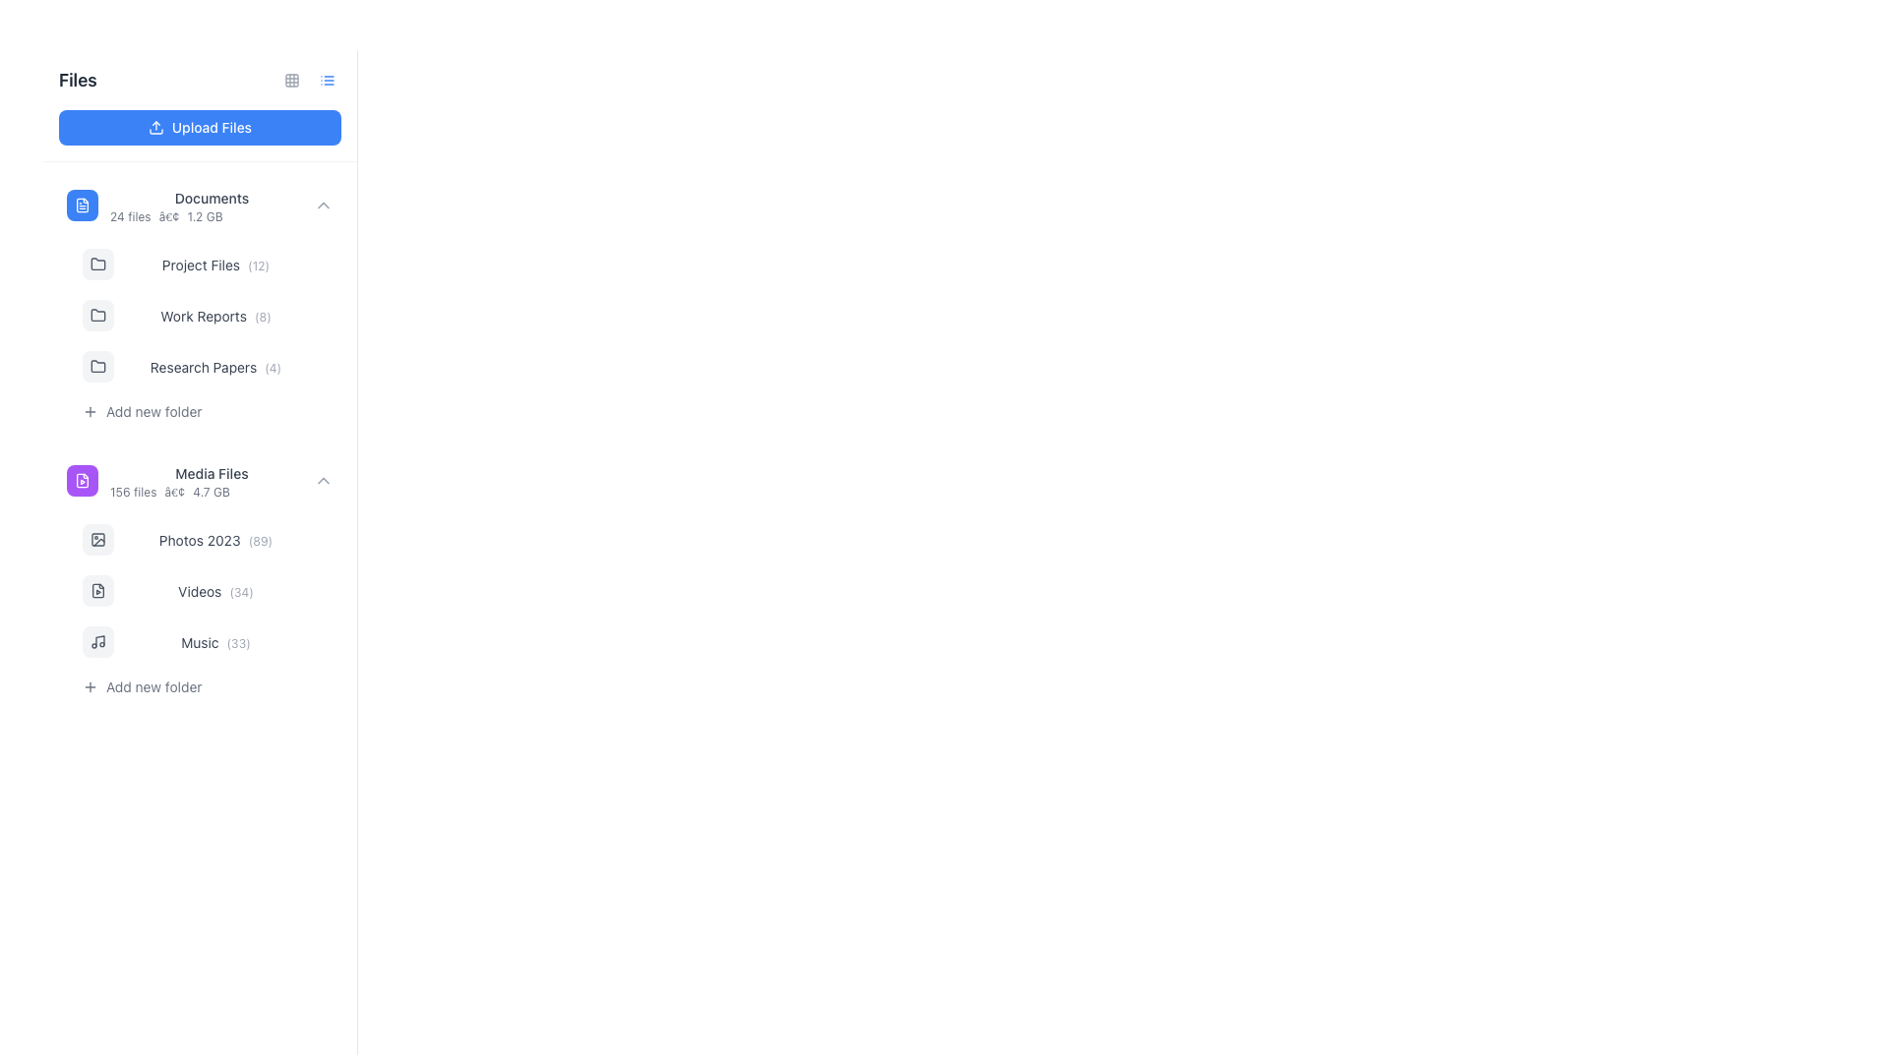  Describe the element at coordinates (320, 539) in the screenshot. I see `the button within the 'Photos 2023 (89)' entry in the 'Media Files' section of the sidebar` at that location.